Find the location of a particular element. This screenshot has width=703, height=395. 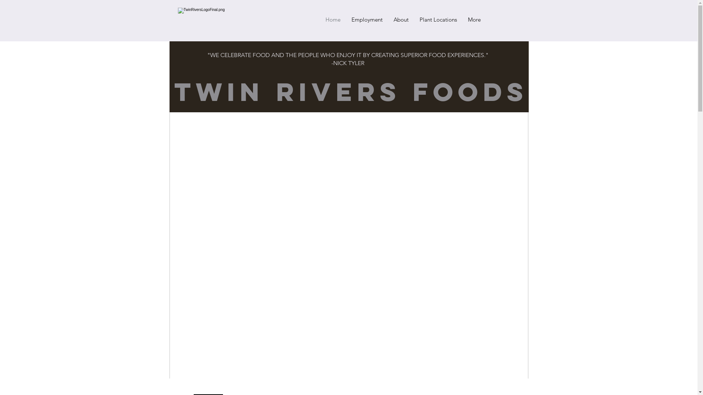

'Plant Locations' is located at coordinates (438, 19).